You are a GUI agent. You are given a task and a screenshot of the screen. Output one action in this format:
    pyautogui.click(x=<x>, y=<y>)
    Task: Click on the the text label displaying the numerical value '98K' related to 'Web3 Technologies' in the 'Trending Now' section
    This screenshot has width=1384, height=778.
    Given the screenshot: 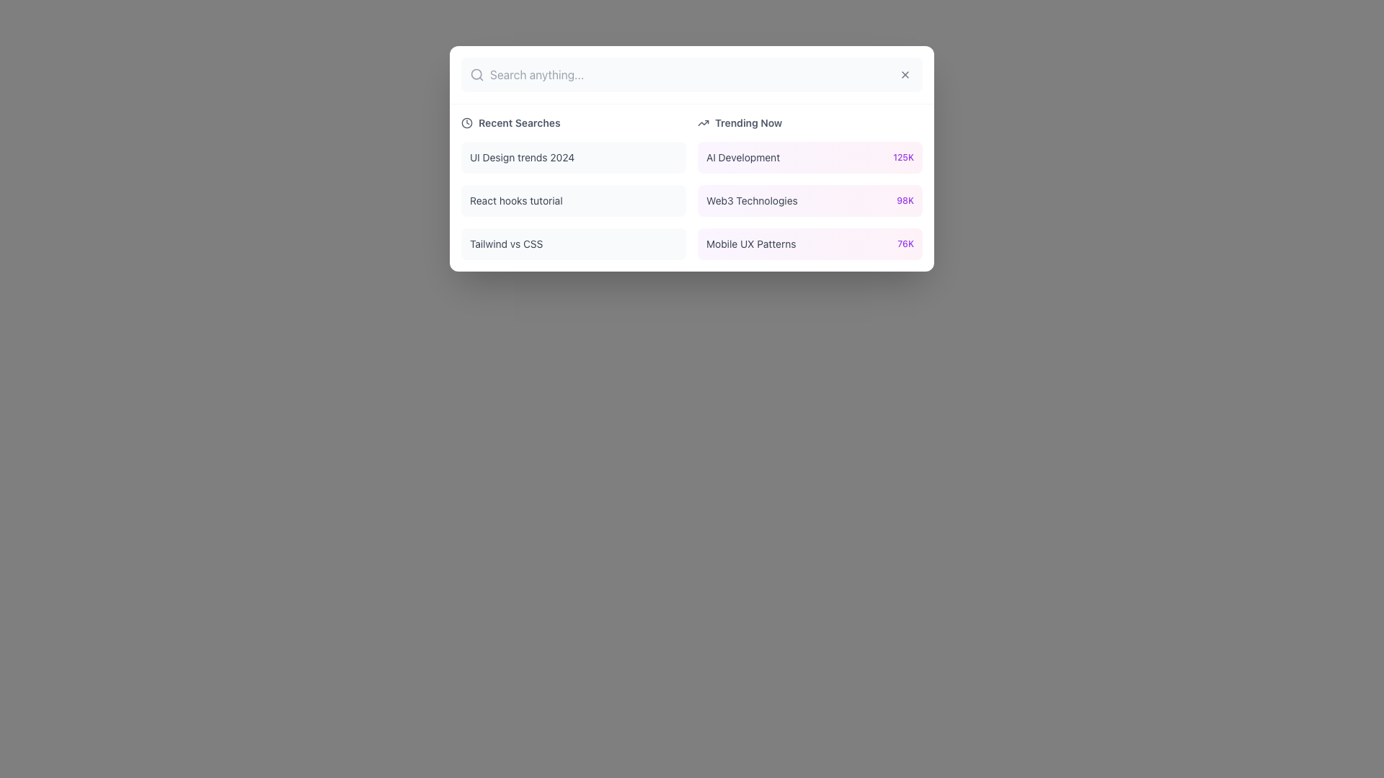 What is the action you would take?
    pyautogui.click(x=905, y=200)
    